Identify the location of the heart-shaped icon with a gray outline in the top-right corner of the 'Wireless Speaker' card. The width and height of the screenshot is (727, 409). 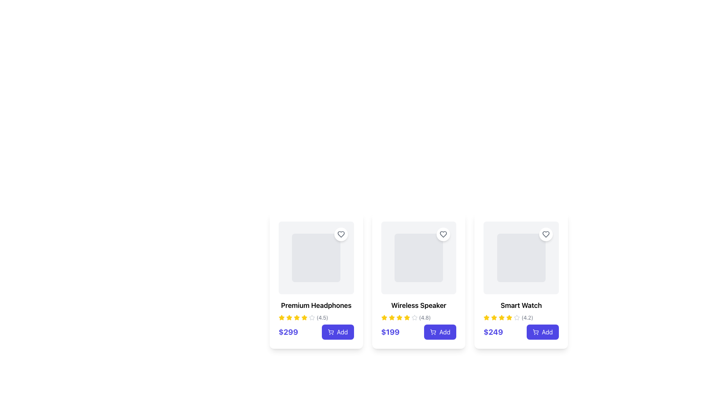
(443, 234).